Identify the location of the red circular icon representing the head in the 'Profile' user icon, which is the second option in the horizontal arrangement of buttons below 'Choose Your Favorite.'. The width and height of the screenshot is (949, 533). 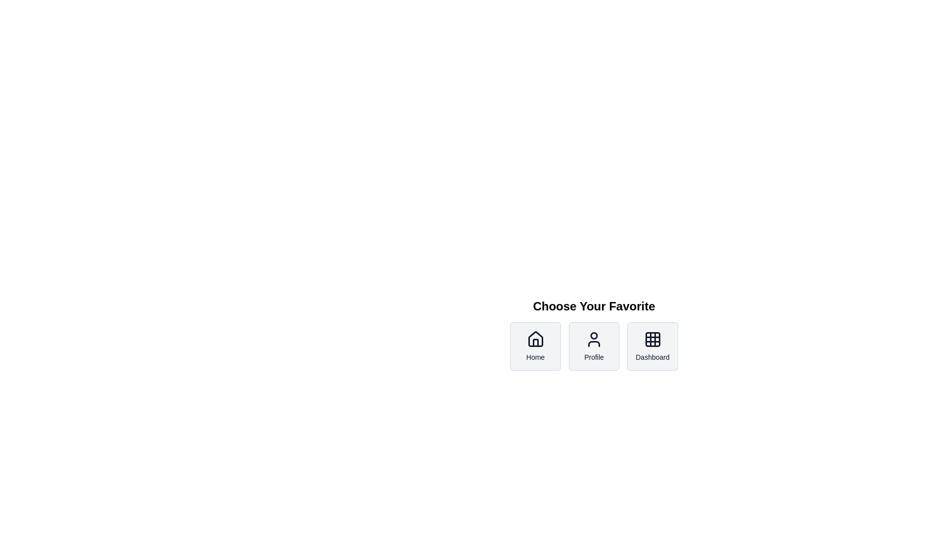
(593, 335).